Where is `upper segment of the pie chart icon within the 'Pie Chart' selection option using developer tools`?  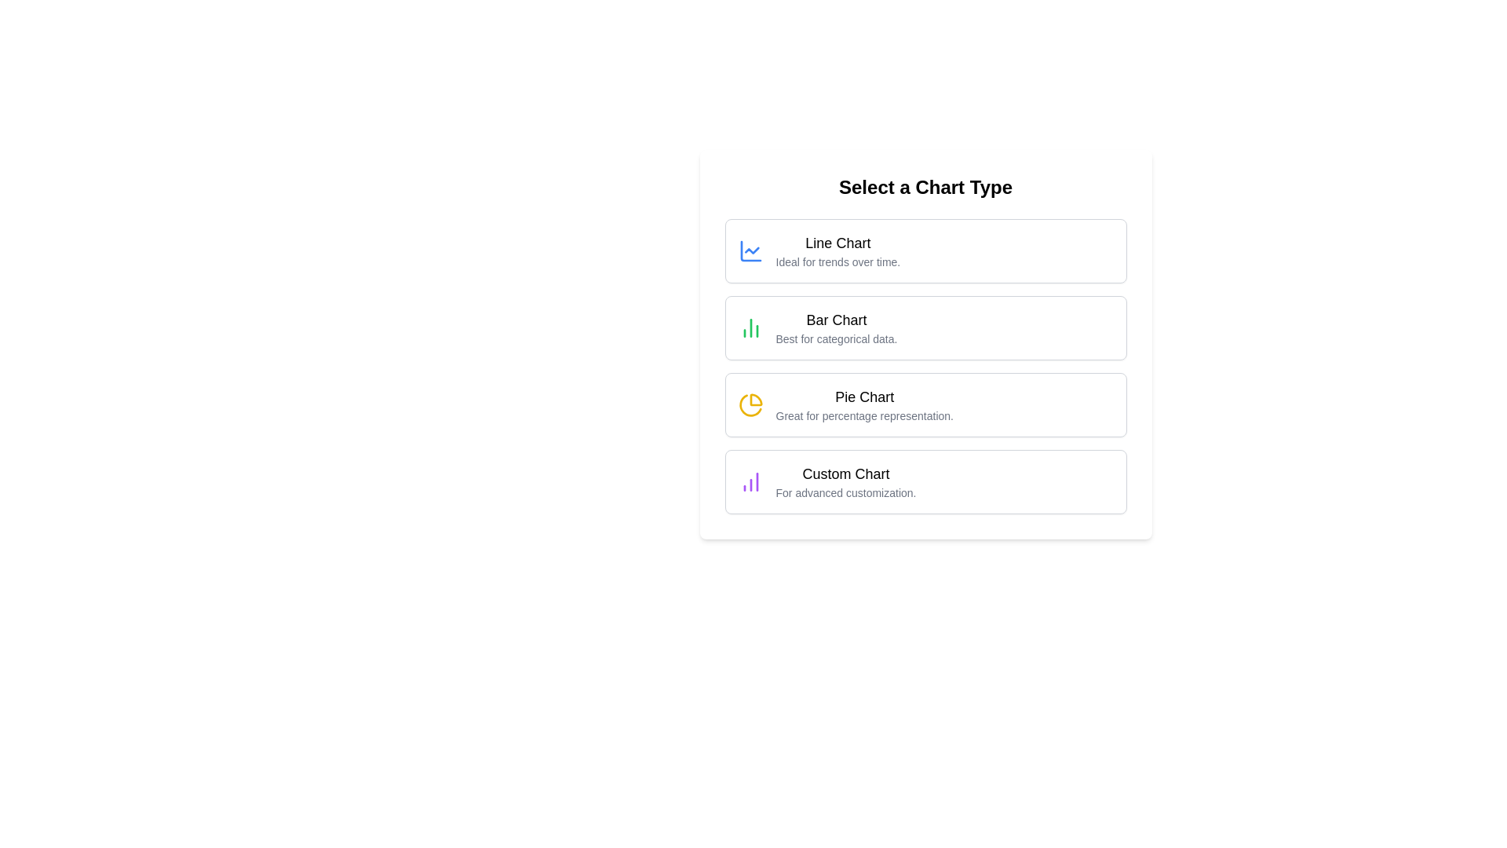 upper segment of the pie chart icon within the 'Pie Chart' selection option using developer tools is located at coordinates (756, 399).